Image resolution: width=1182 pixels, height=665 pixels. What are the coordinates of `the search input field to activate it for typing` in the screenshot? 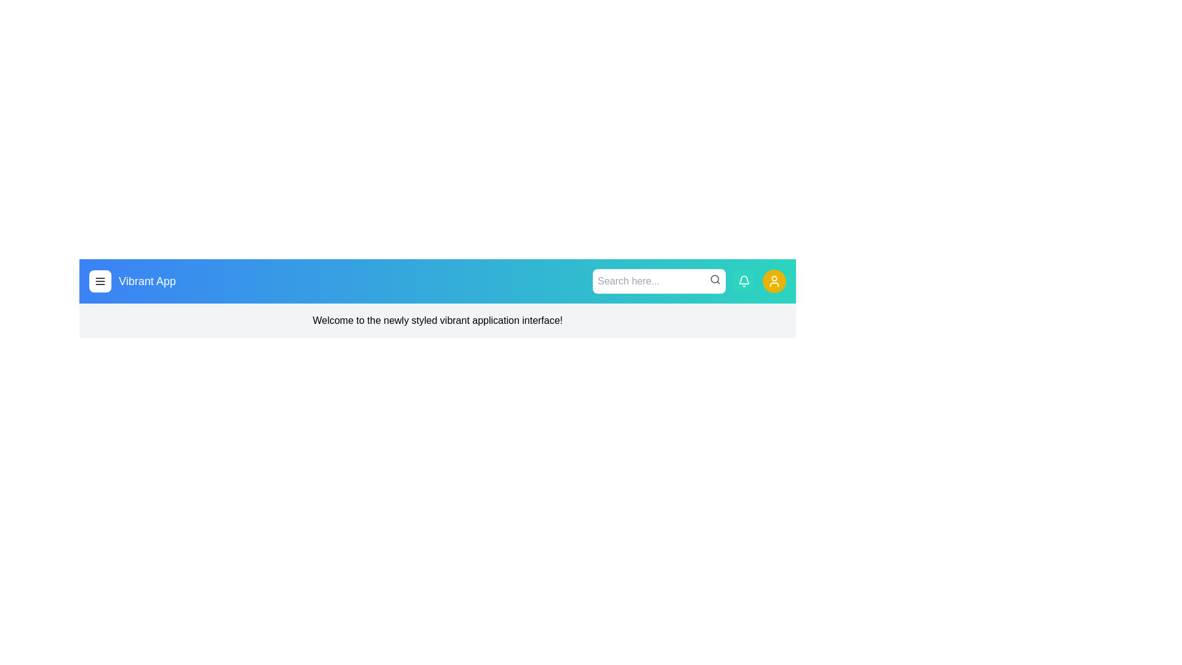 It's located at (658, 281).